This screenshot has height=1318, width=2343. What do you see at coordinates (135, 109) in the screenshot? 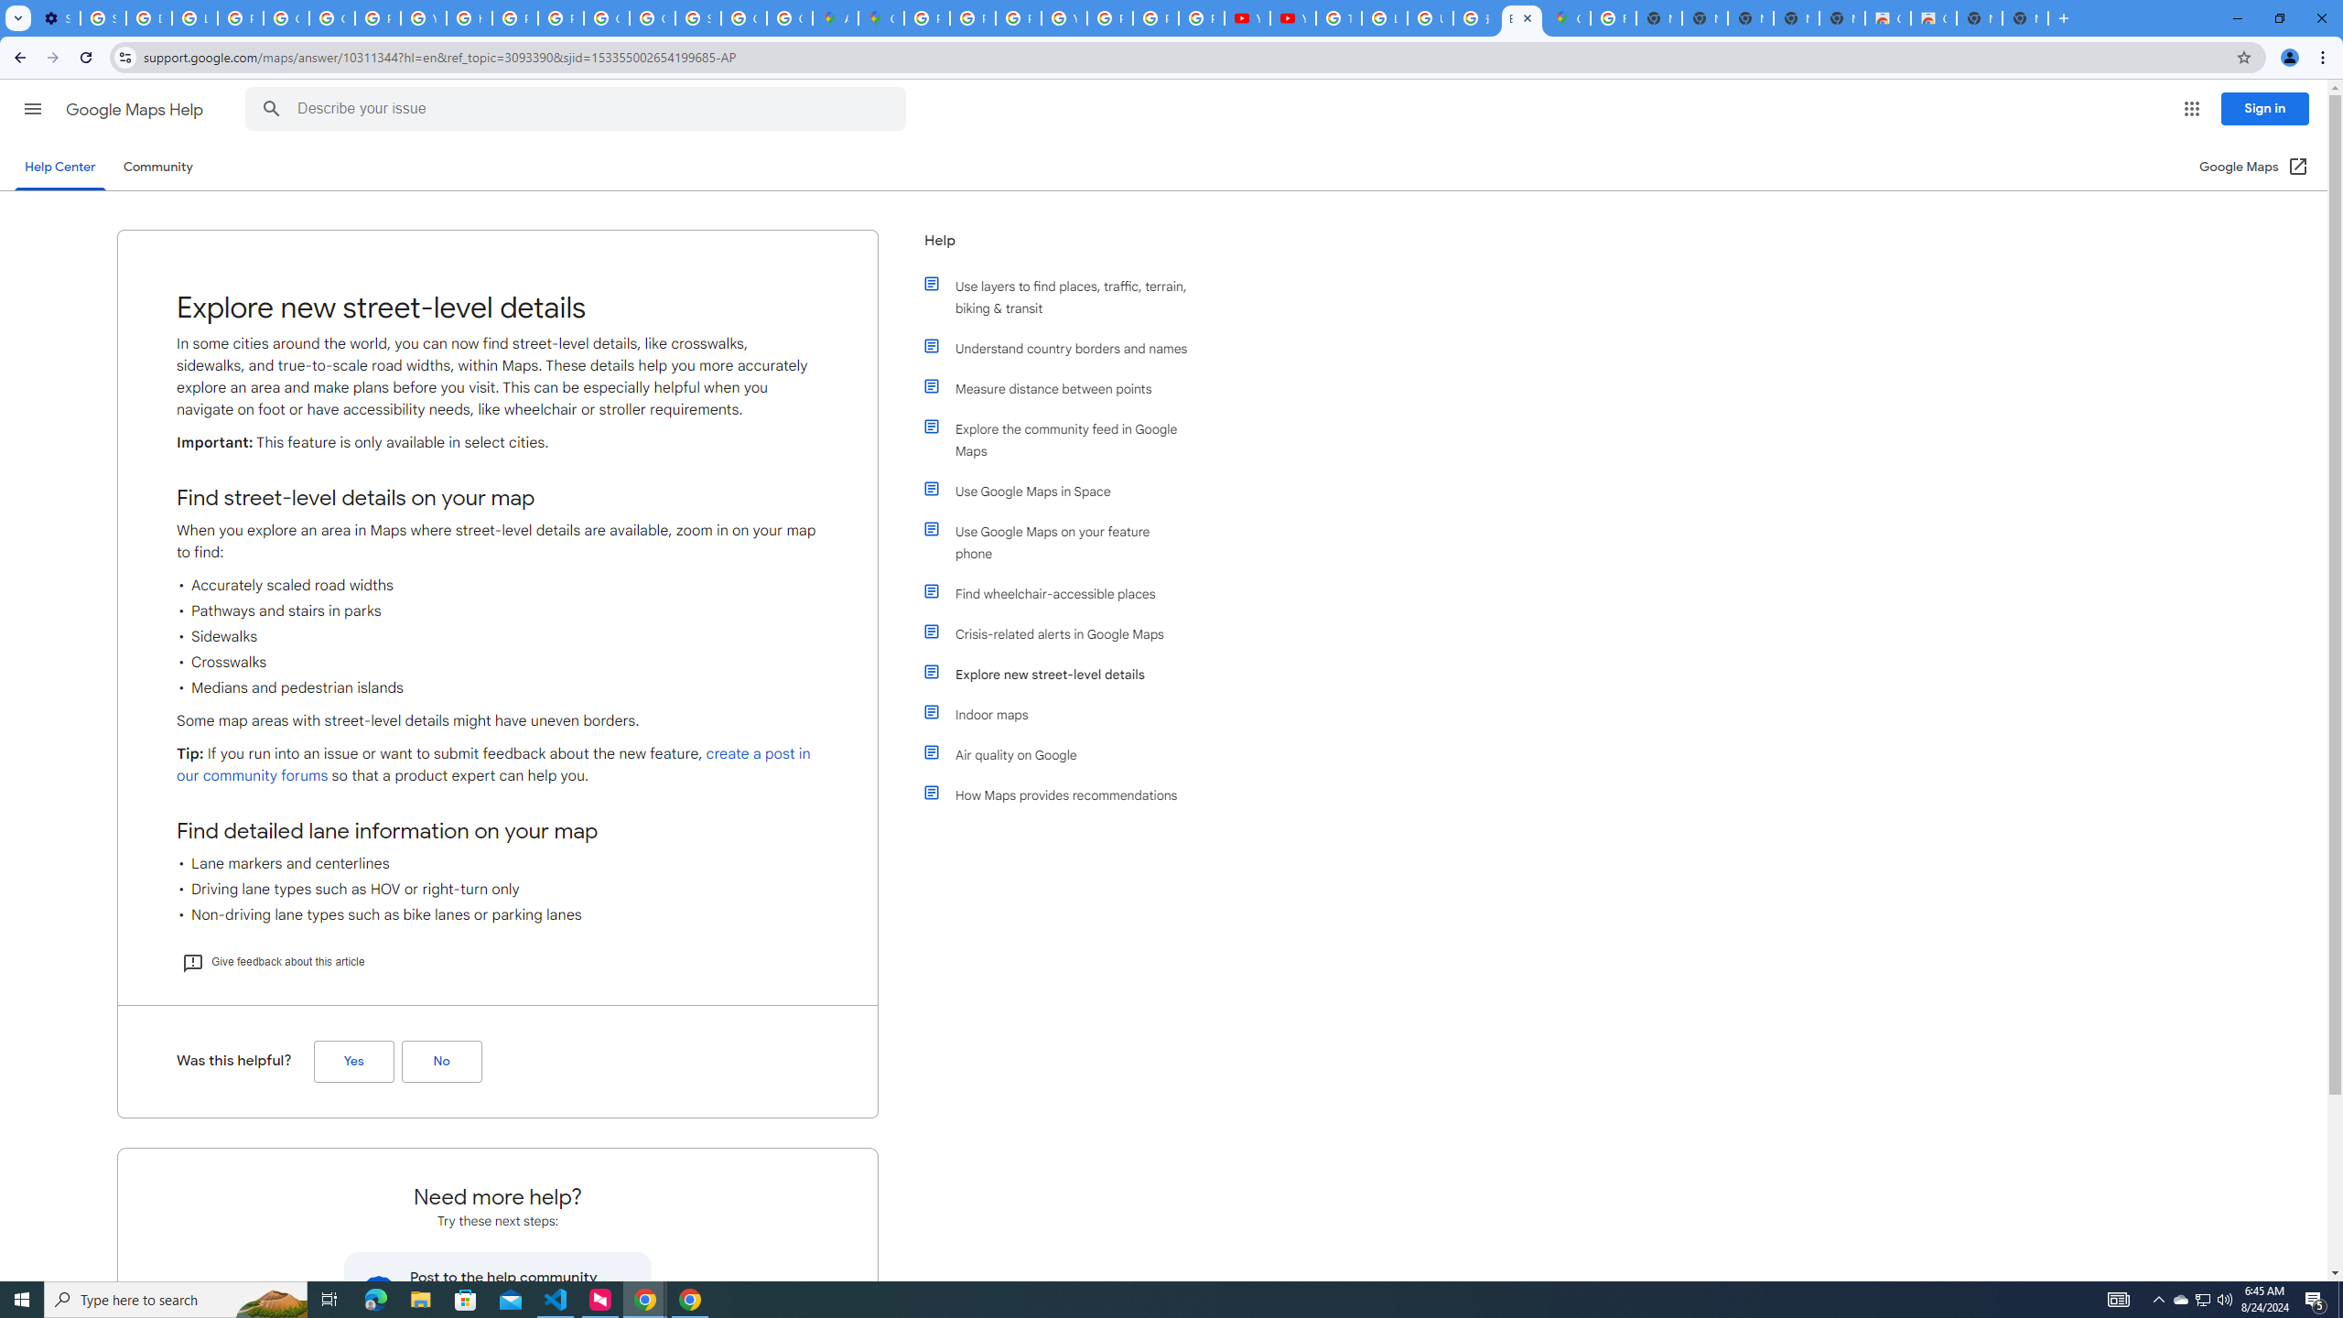
I see `'Google Maps Help'` at bounding box center [135, 109].